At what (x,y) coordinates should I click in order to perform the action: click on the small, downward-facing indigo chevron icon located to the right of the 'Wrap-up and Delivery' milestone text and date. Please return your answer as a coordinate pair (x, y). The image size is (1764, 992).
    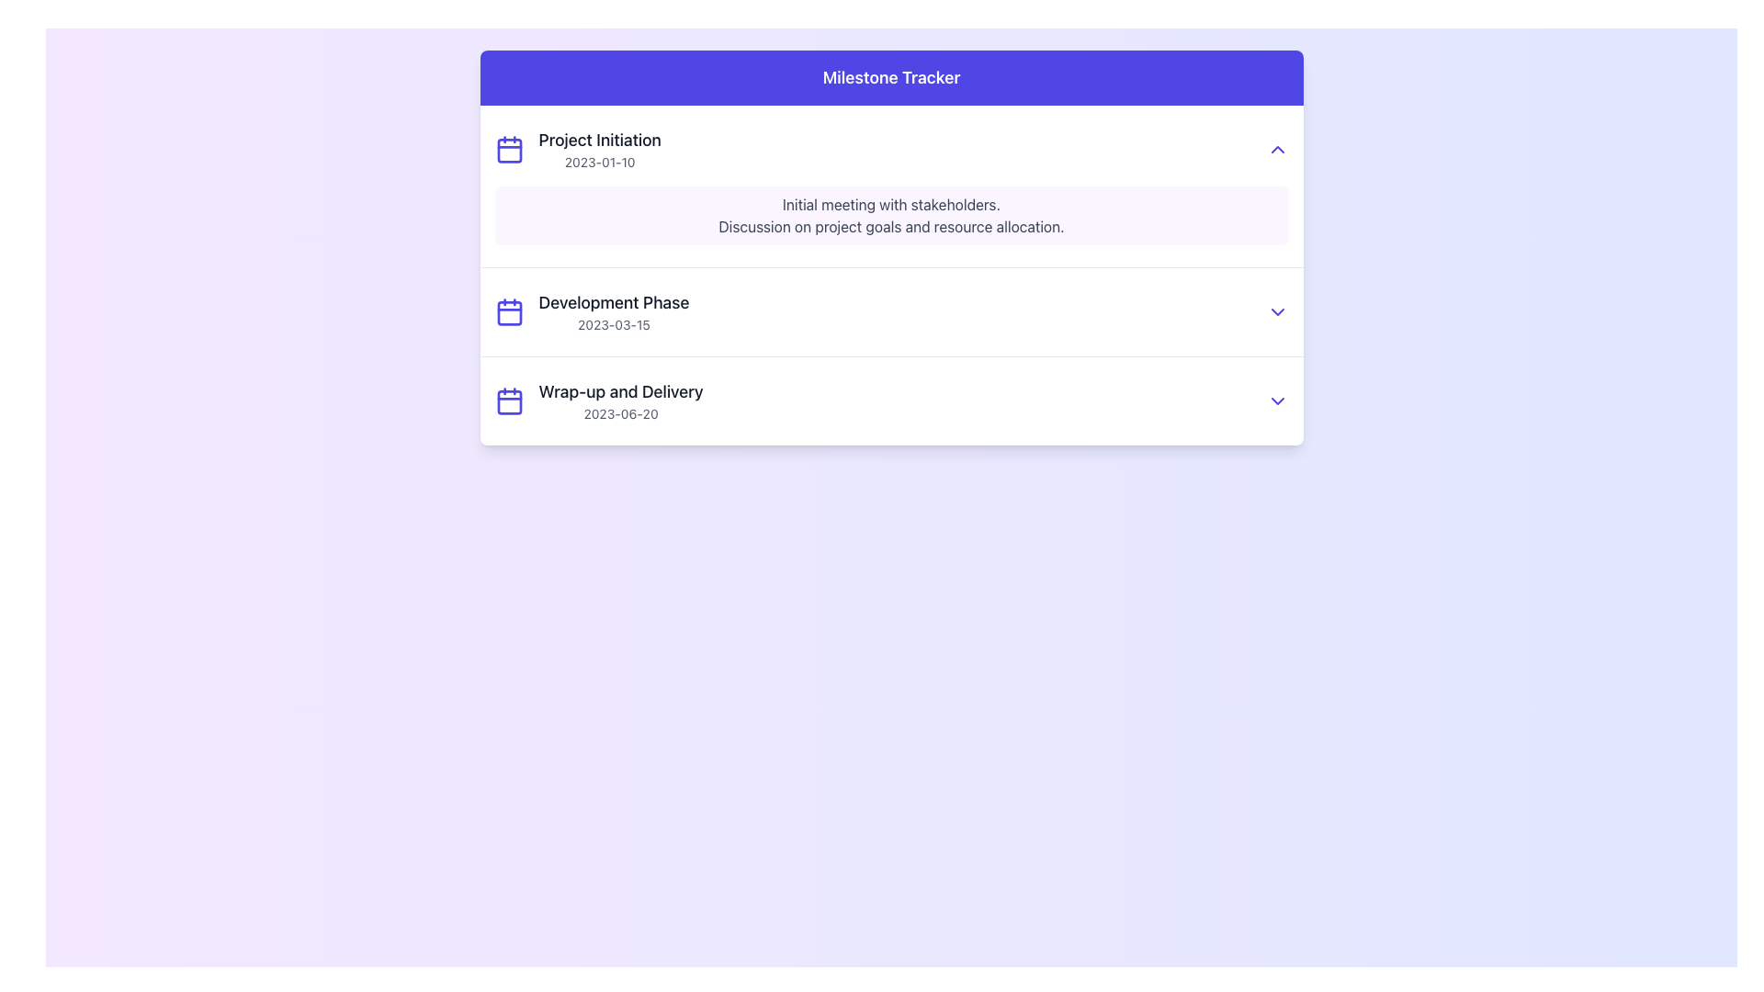
    Looking at the image, I should click on (1276, 400).